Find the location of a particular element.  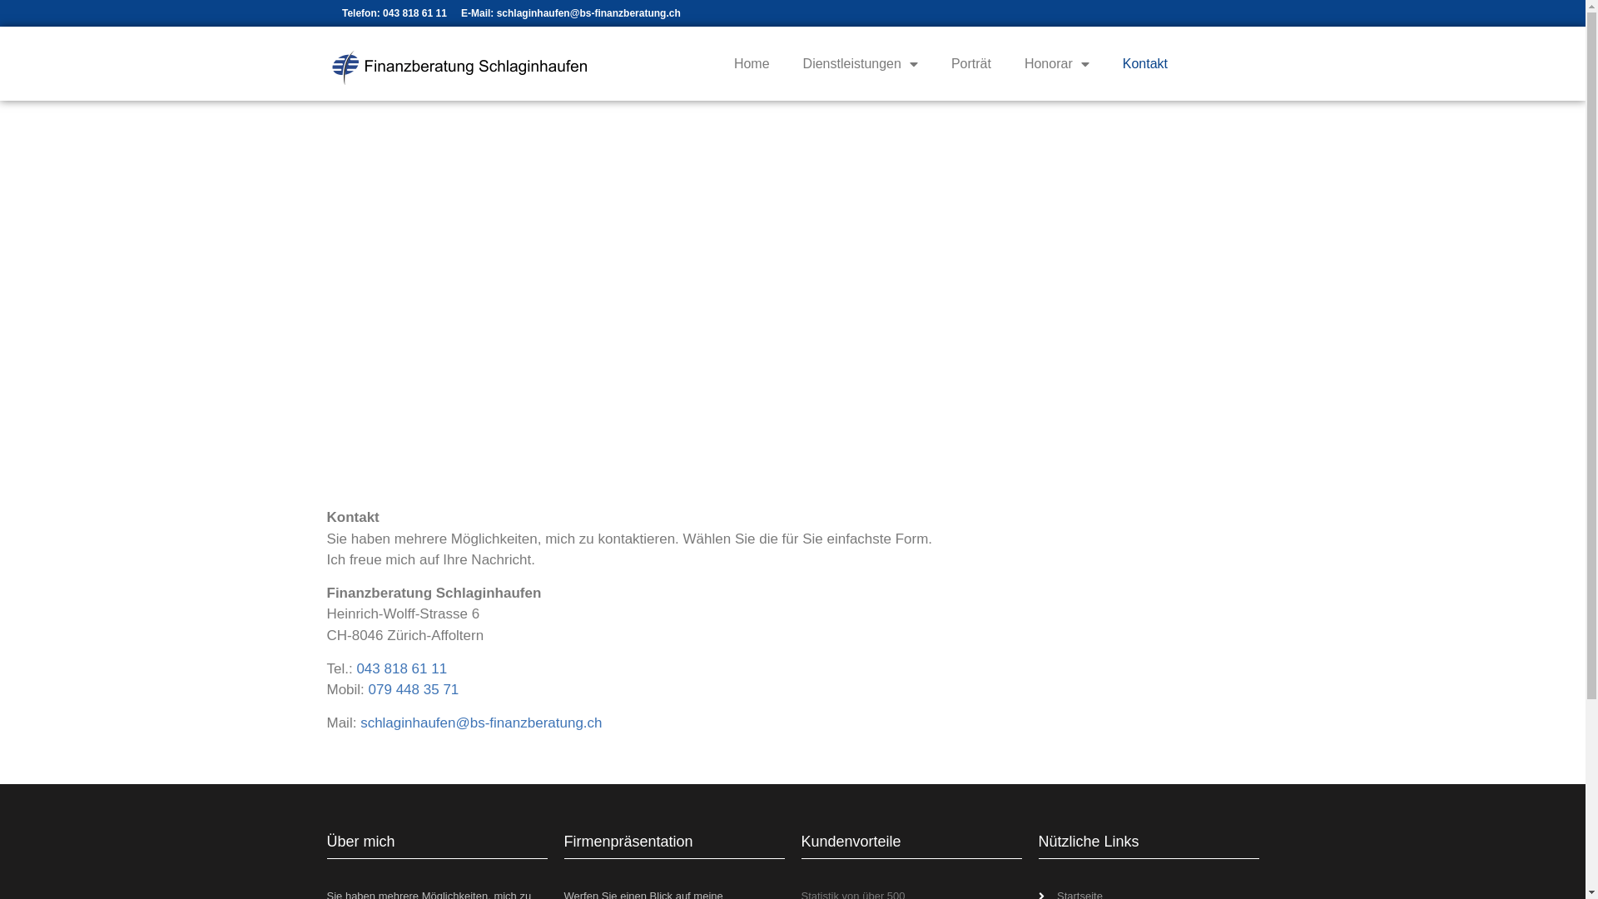

'043 818 61 11' is located at coordinates (401, 668).